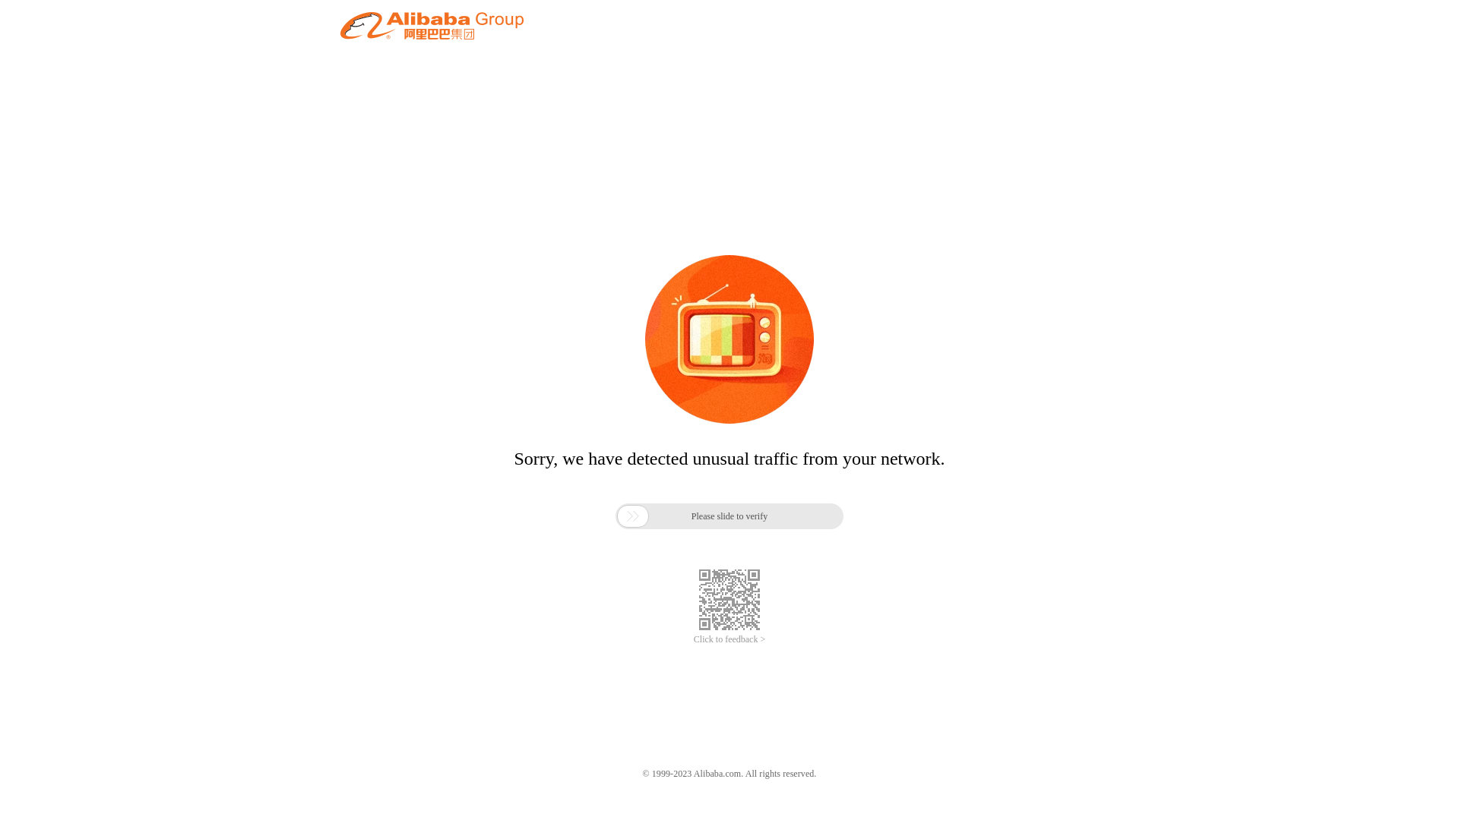 The width and height of the screenshot is (1459, 820). Describe the element at coordinates (729, 639) in the screenshot. I see `'Click to feedback >'` at that location.